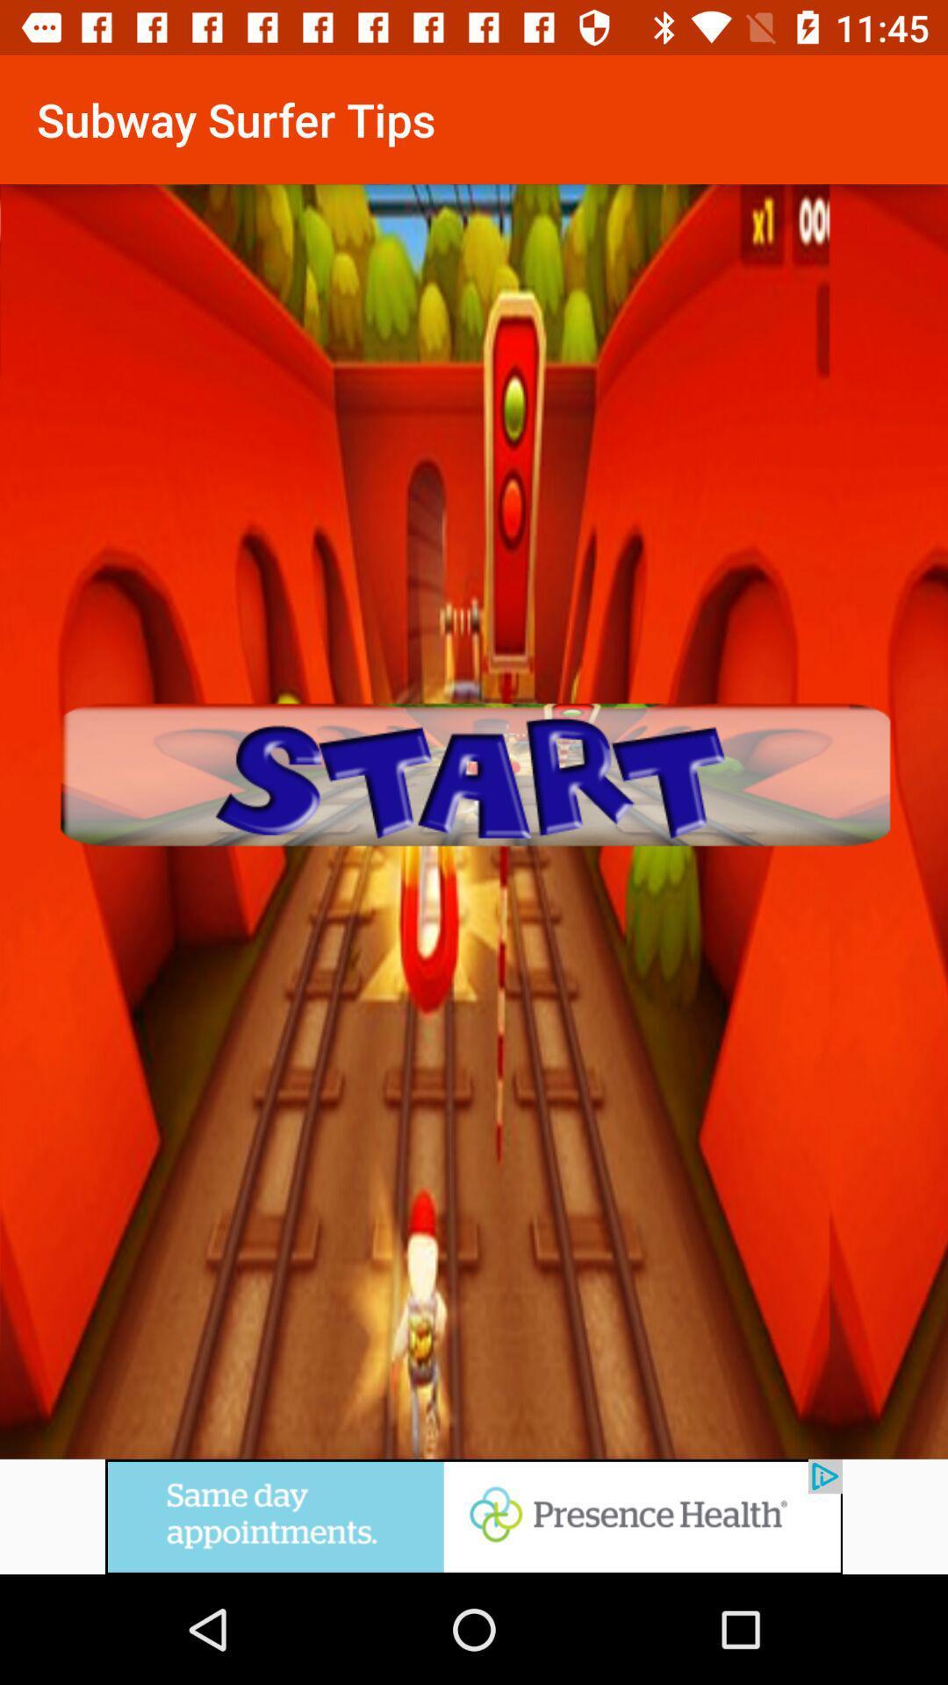  I want to click on advertisement, so click(474, 1543).